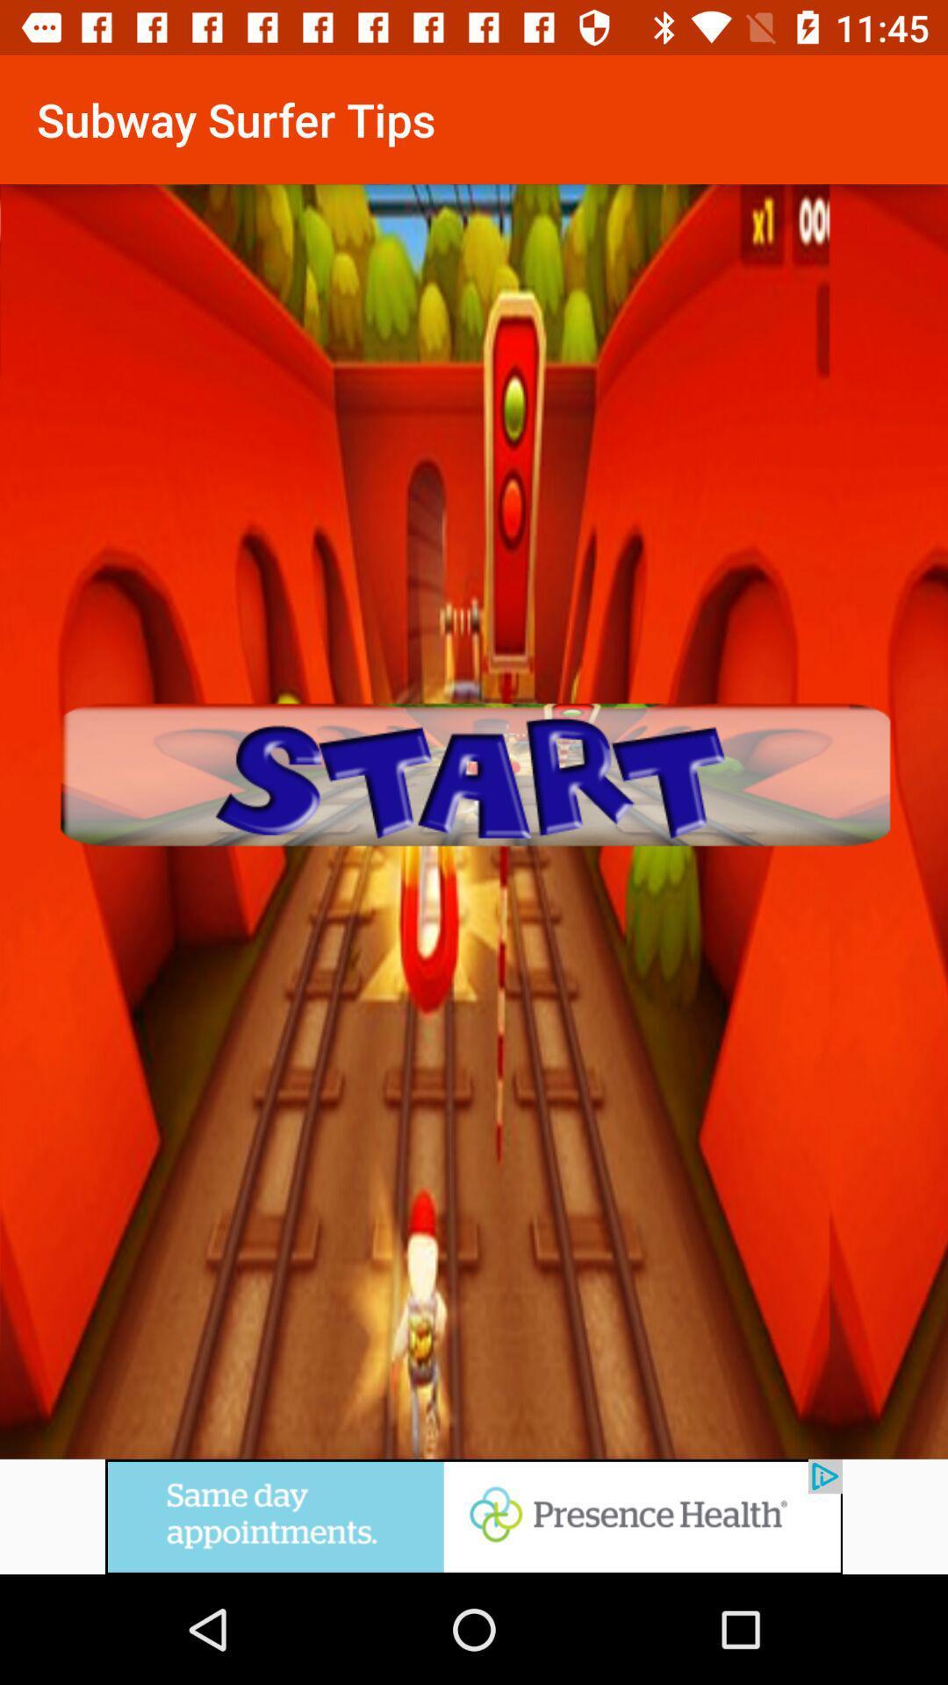  I want to click on advertisement, so click(474, 1543).